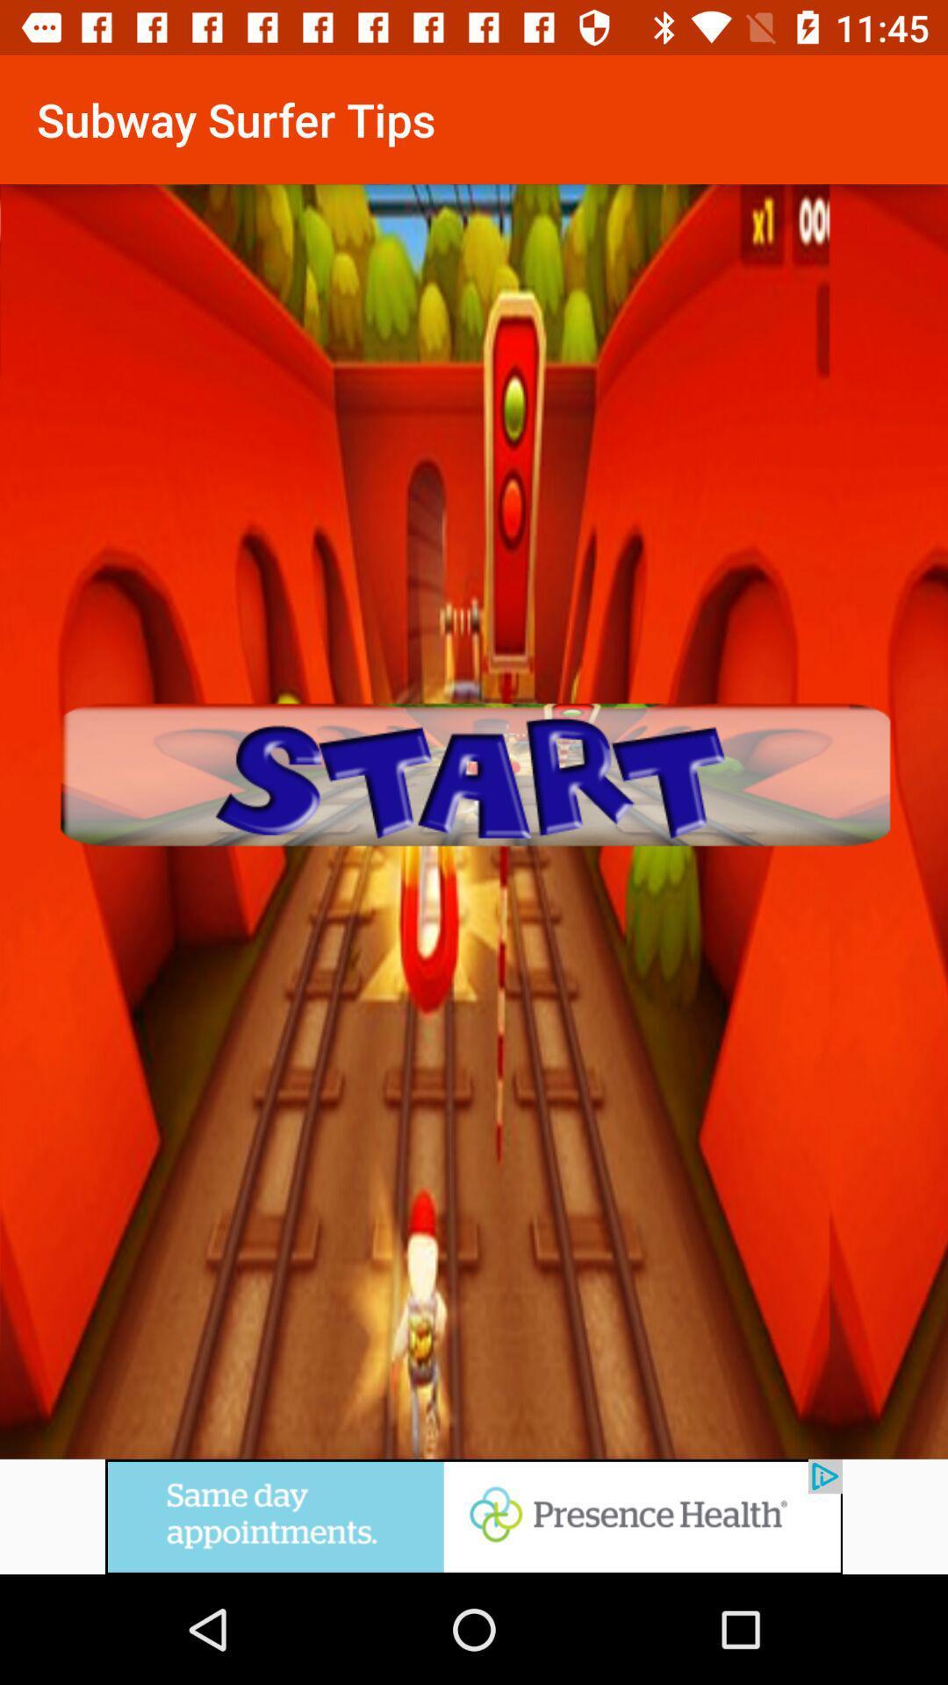  I want to click on advertisement, so click(474, 1543).